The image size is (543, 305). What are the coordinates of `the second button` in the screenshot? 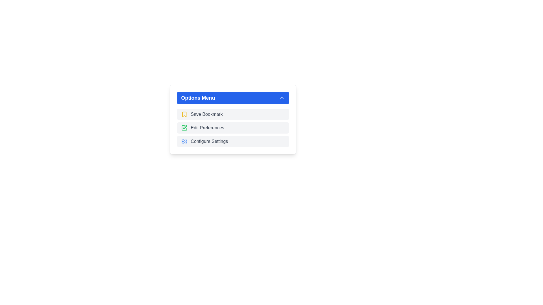 It's located at (233, 128).